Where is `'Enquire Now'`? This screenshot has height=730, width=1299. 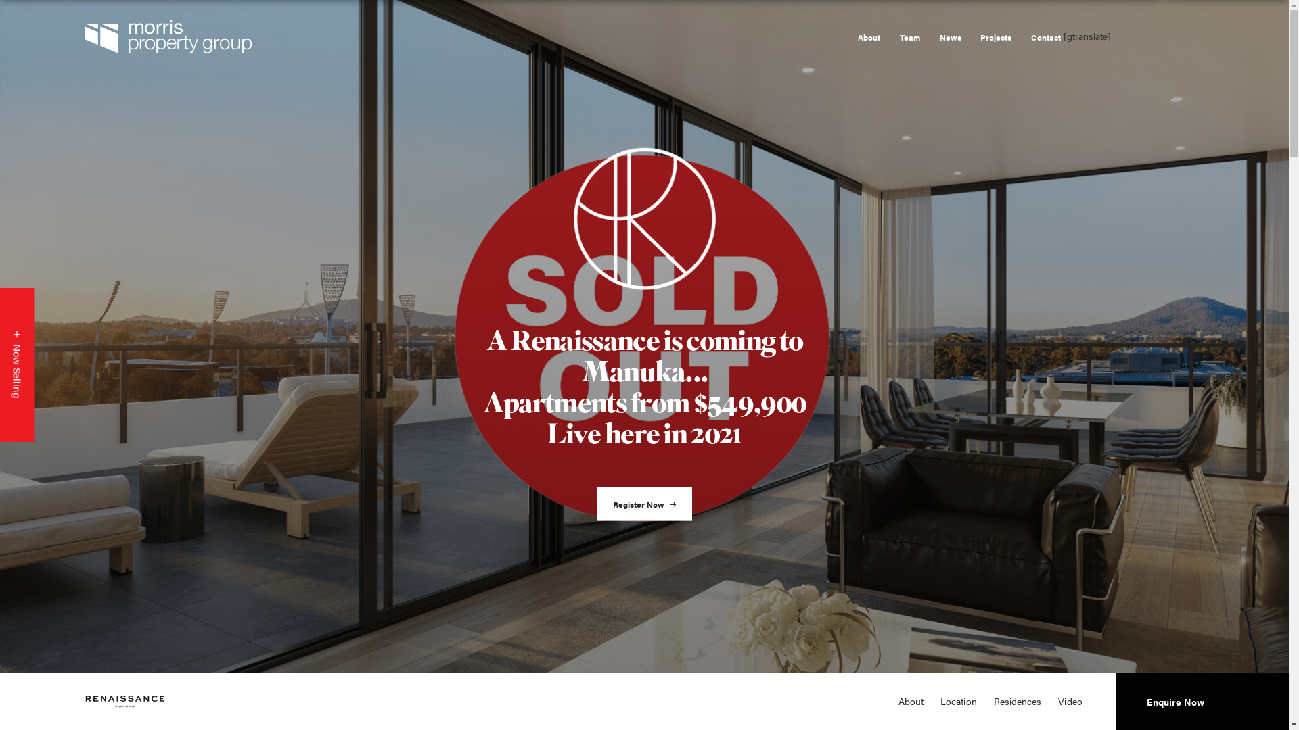
'Enquire Now' is located at coordinates (1175, 700).